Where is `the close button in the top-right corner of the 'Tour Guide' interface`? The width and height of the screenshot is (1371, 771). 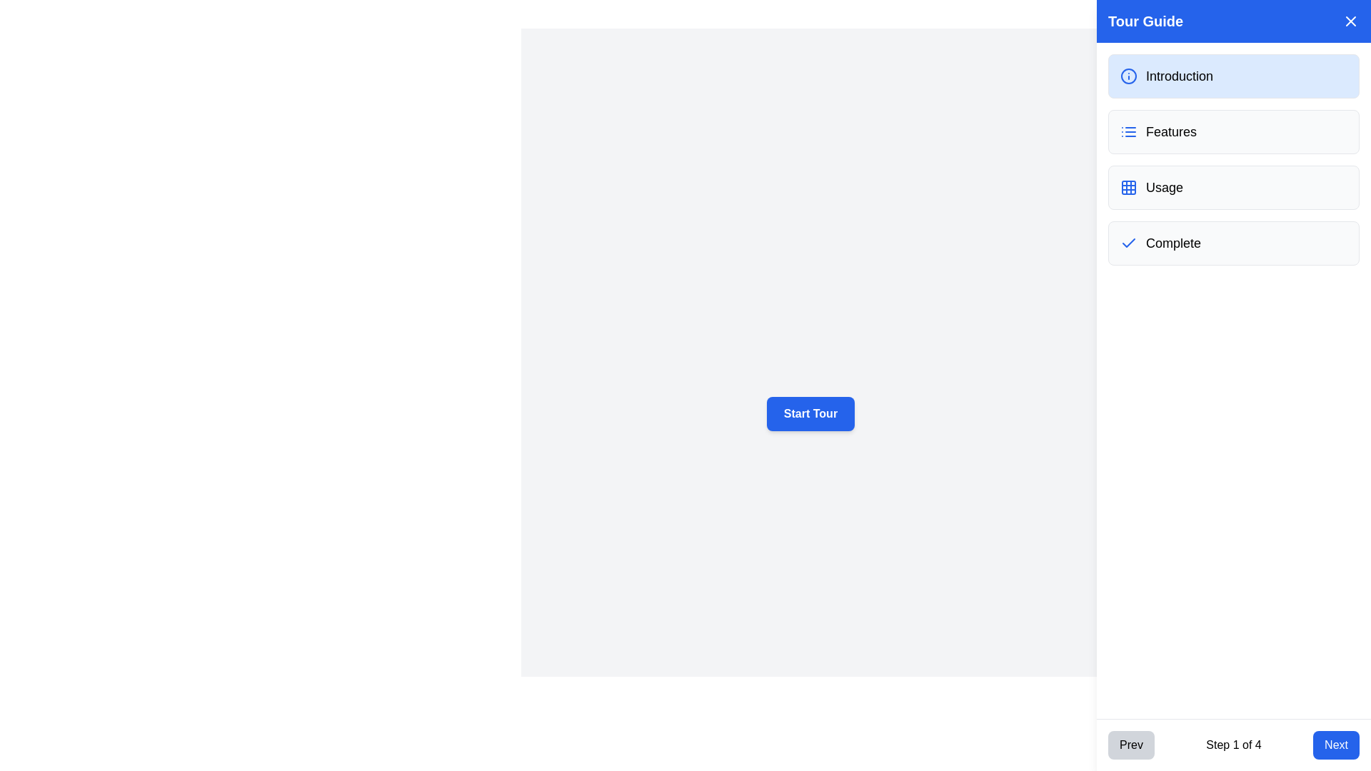
the close button in the top-right corner of the 'Tour Guide' interface is located at coordinates (1350, 21).